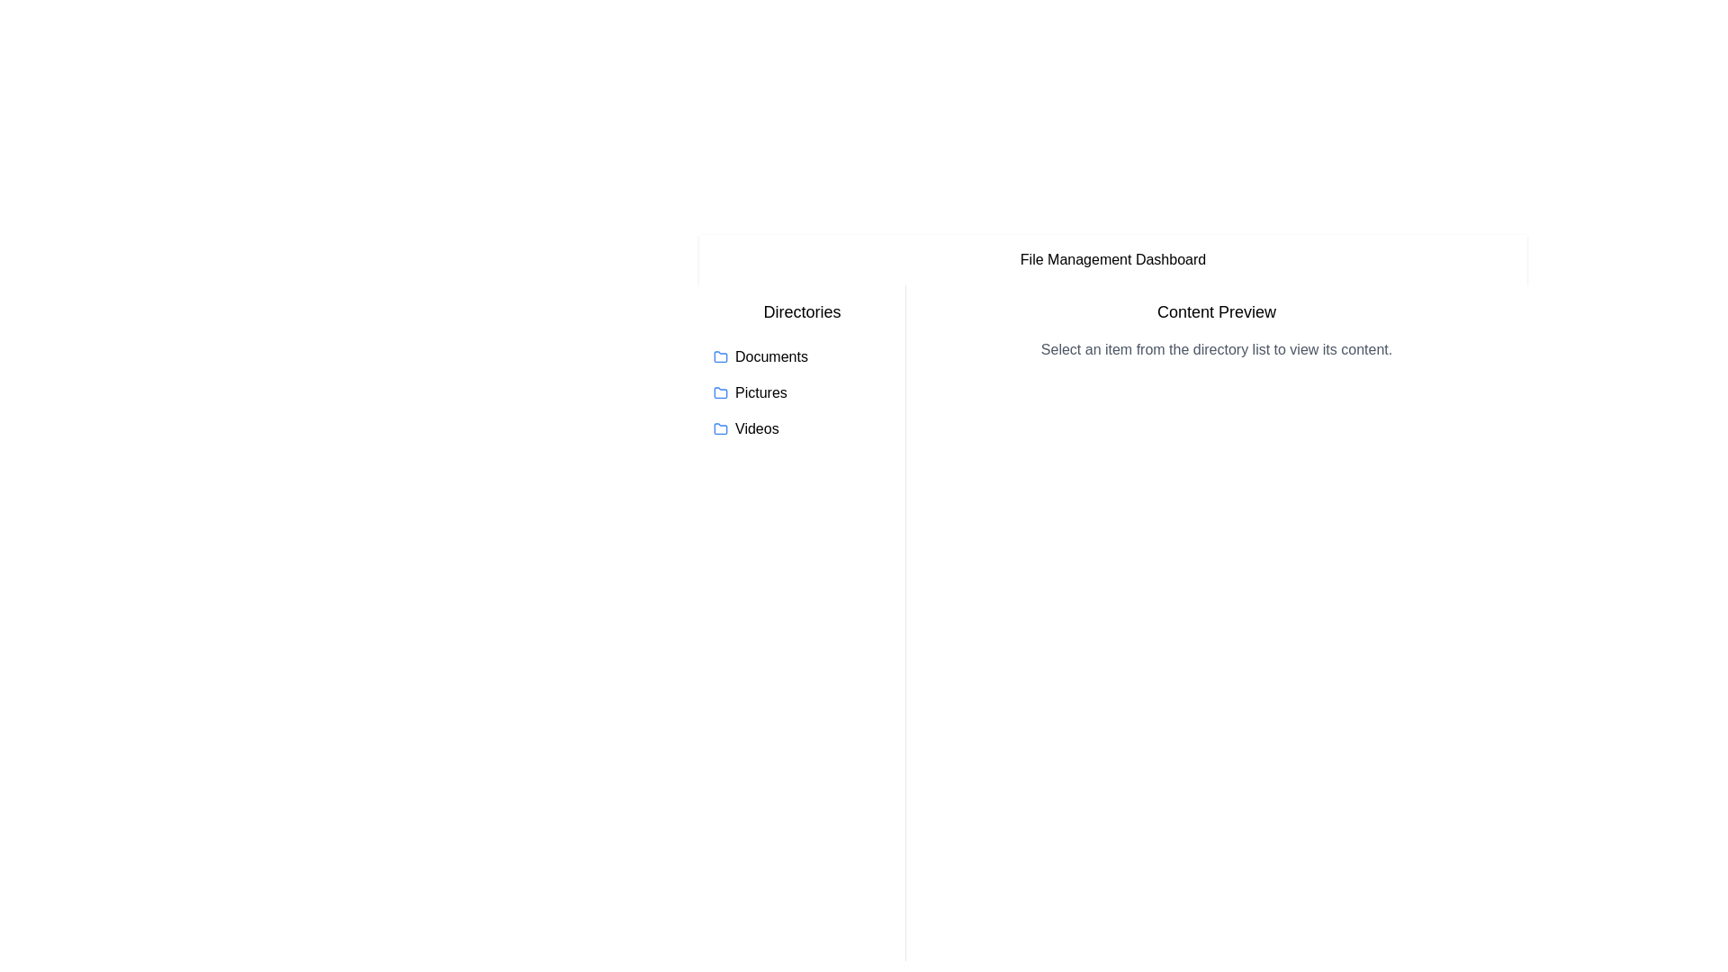 This screenshot has height=972, width=1728. Describe the element at coordinates (721, 427) in the screenshot. I see `folder icon representing the 'Videos' directory in the file management system for detail` at that location.